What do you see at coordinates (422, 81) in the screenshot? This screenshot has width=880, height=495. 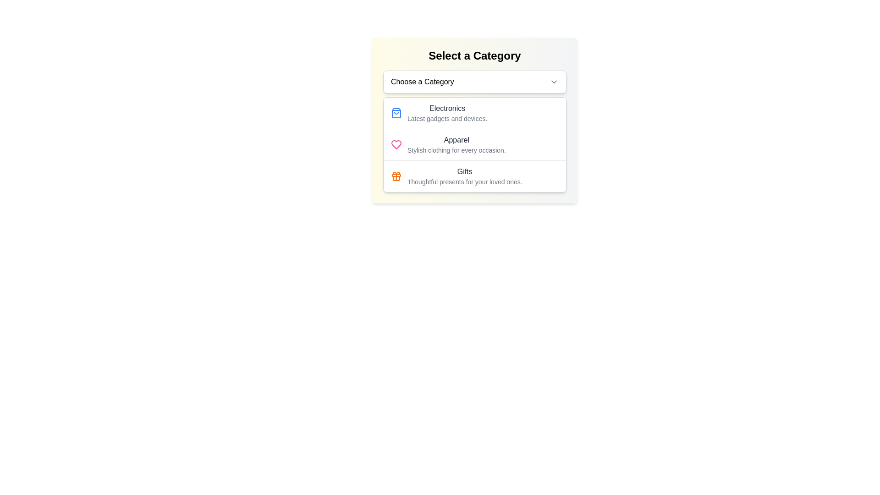 I see `the text label indicating the current selection for the dropdown menu, which is positioned at the top of the category selection card` at bounding box center [422, 81].